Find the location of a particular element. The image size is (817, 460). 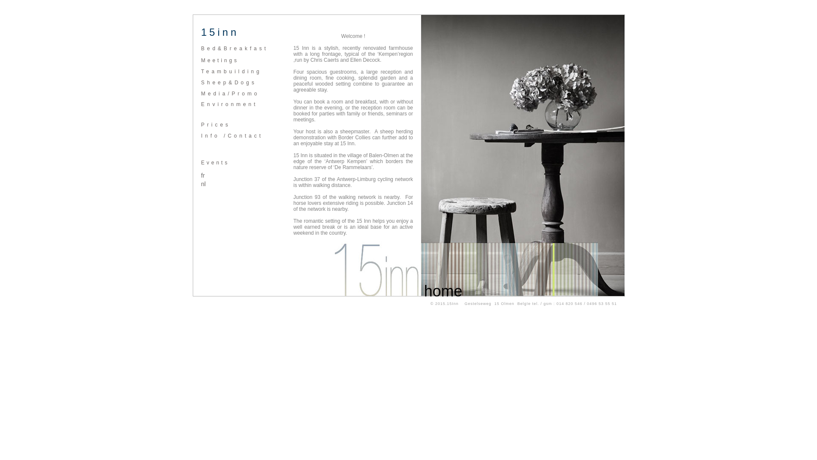

'Environment' is located at coordinates (229, 104).